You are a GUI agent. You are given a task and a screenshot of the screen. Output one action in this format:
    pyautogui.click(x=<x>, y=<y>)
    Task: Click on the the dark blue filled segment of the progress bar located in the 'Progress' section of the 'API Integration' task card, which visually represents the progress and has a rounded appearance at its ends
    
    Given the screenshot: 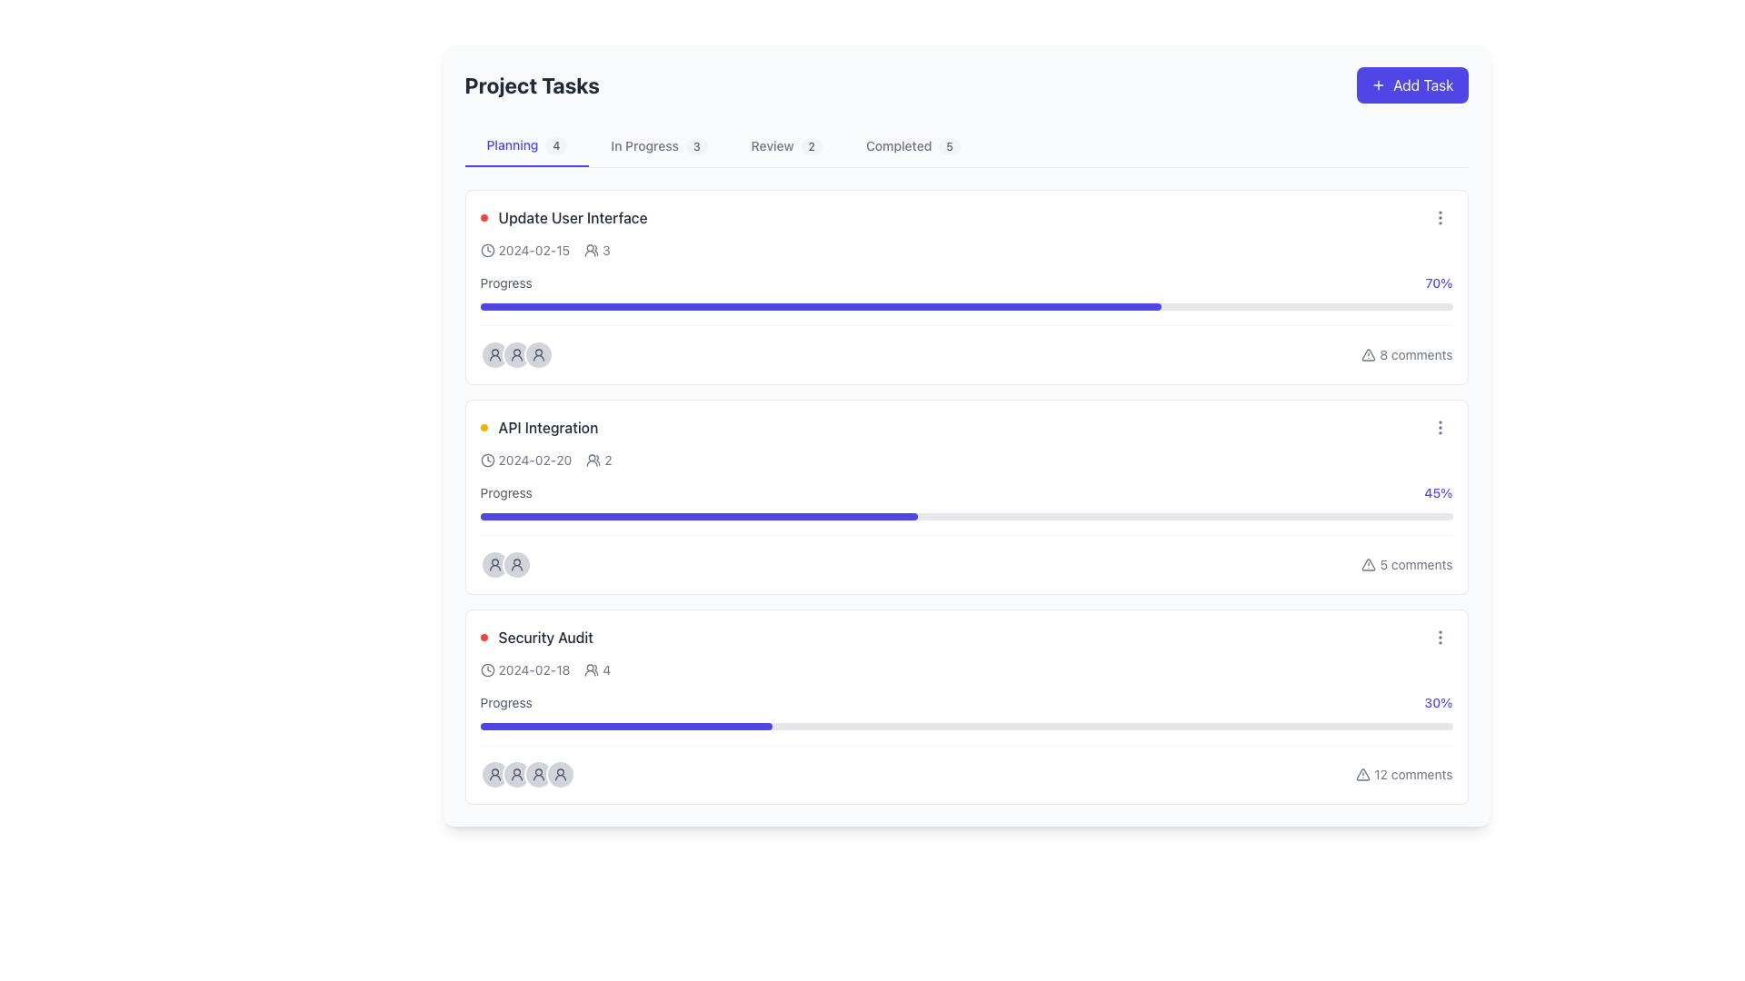 What is the action you would take?
    pyautogui.click(x=698, y=517)
    